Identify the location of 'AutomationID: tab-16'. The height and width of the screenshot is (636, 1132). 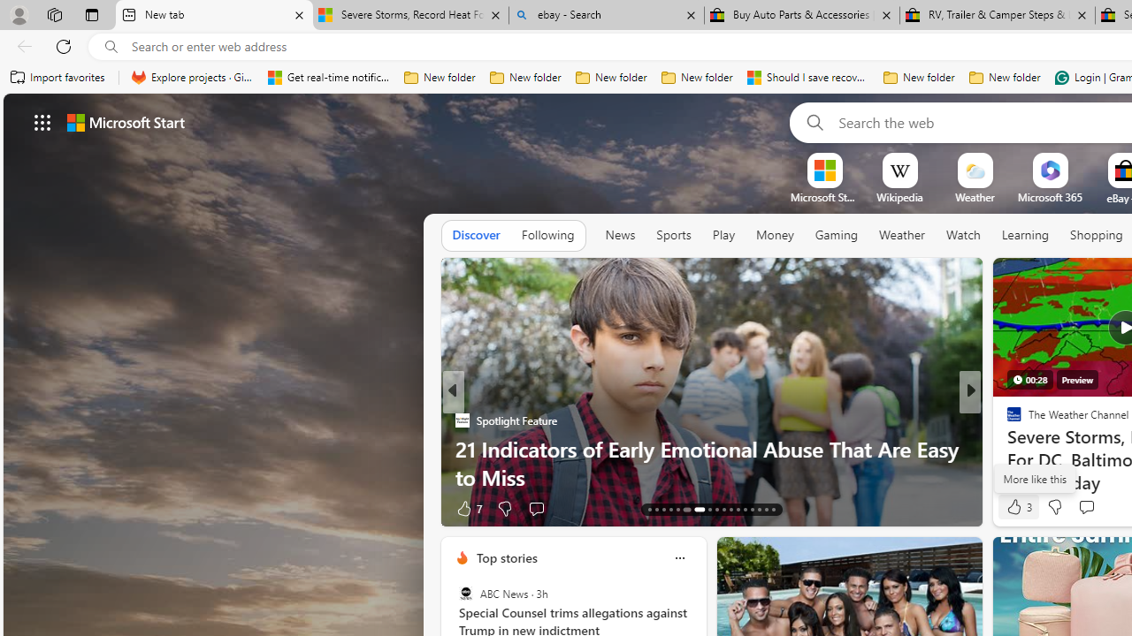
(669, 510).